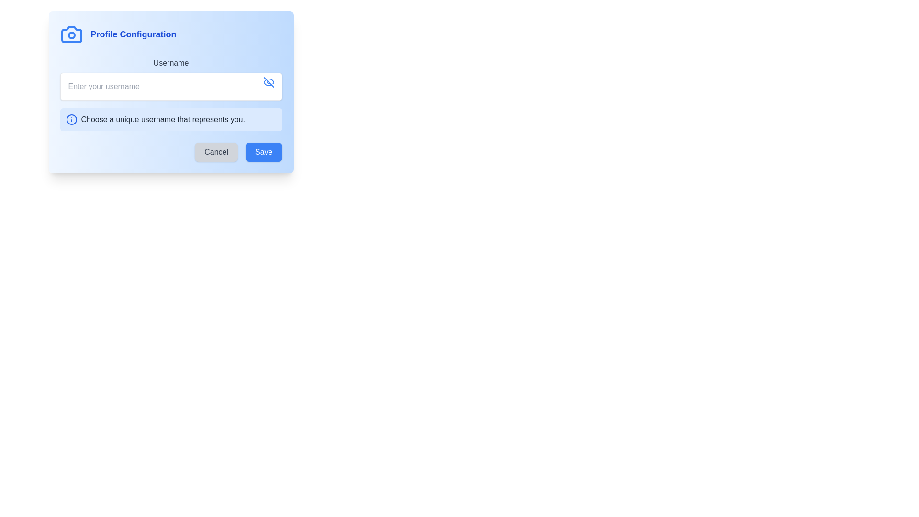 This screenshot has width=919, height=517. What do you see at coordinates (71, 119) in the screenshot?
I see `the informational or warning icon located at the beginning of the notification message 'Choose a unique username that represents you.'` at bounding box center [71, 119].